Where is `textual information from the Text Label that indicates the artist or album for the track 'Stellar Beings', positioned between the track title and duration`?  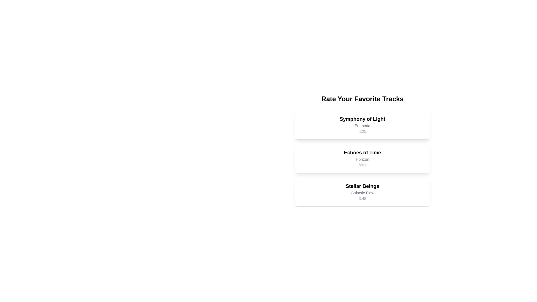 textual information from the Text Label that indicates the artist or album for the track 'Stellar Beings', positioned between the track title and duration is located at coordinates (362, 193).